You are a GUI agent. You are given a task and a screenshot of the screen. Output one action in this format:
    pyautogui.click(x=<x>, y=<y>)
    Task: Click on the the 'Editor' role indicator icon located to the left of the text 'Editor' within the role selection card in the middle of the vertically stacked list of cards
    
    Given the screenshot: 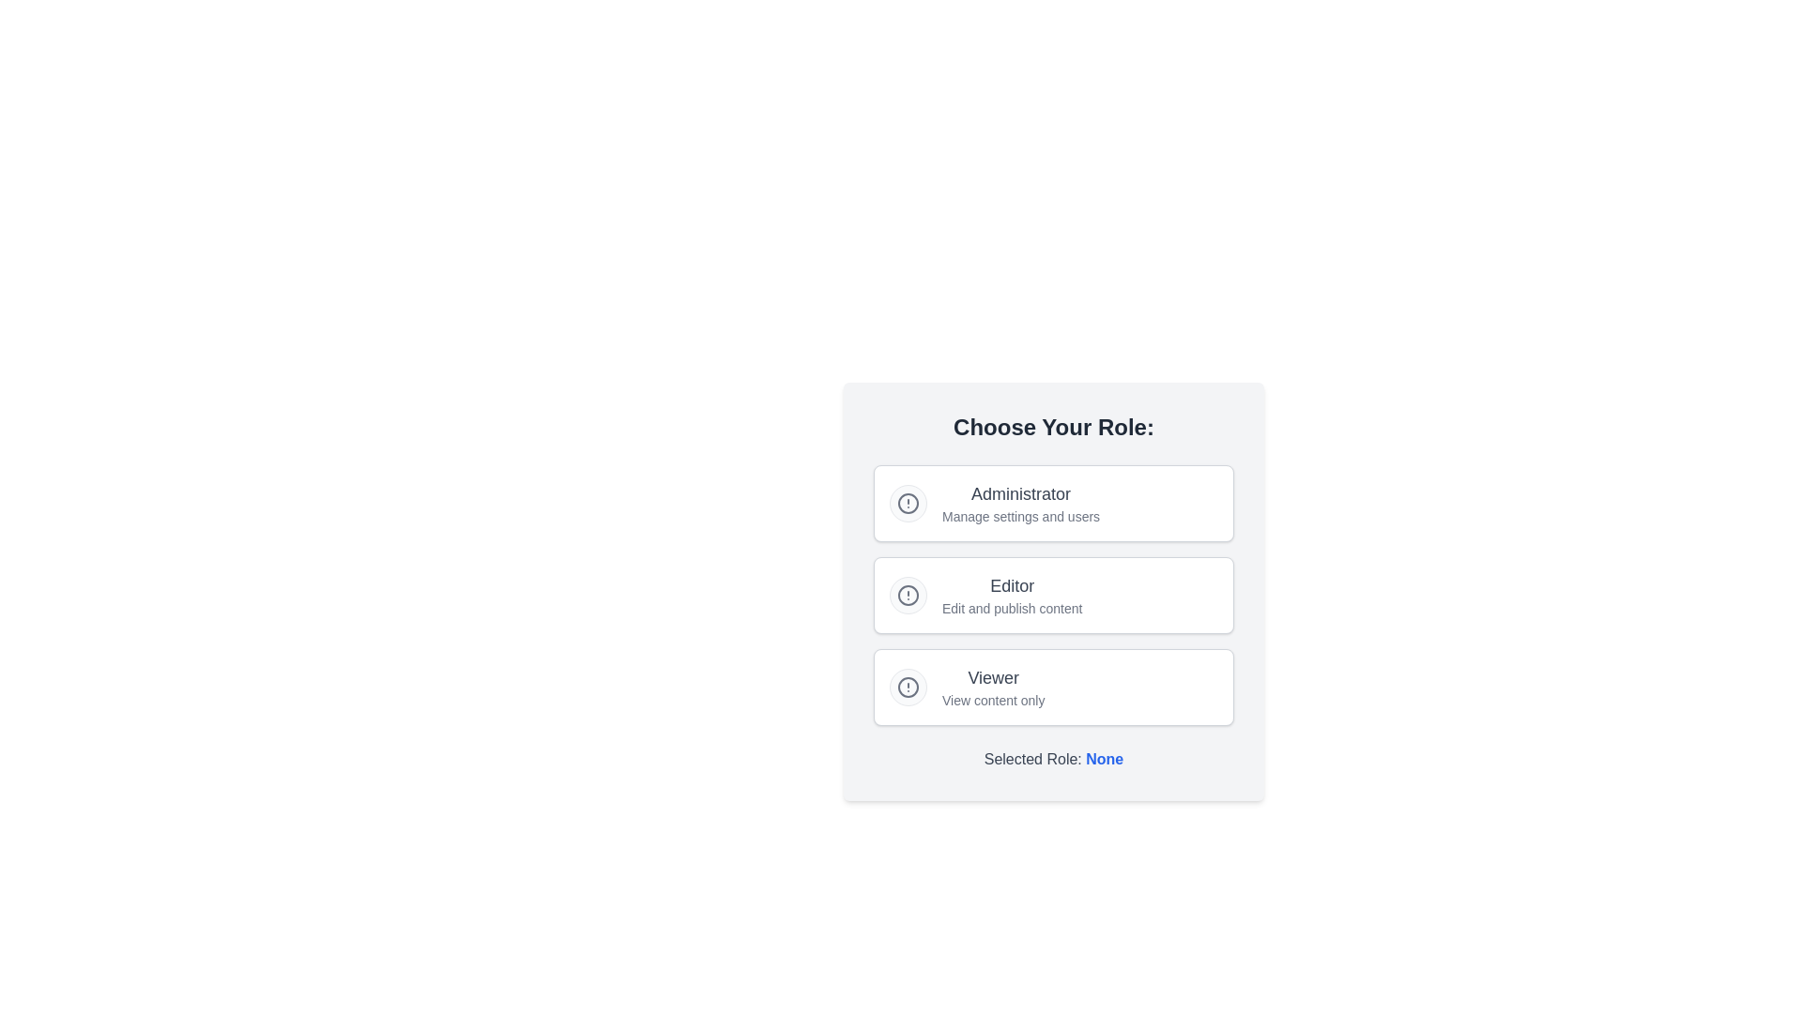 What is the action you would take?
    pyautogui.click(x=909, y=596)
    